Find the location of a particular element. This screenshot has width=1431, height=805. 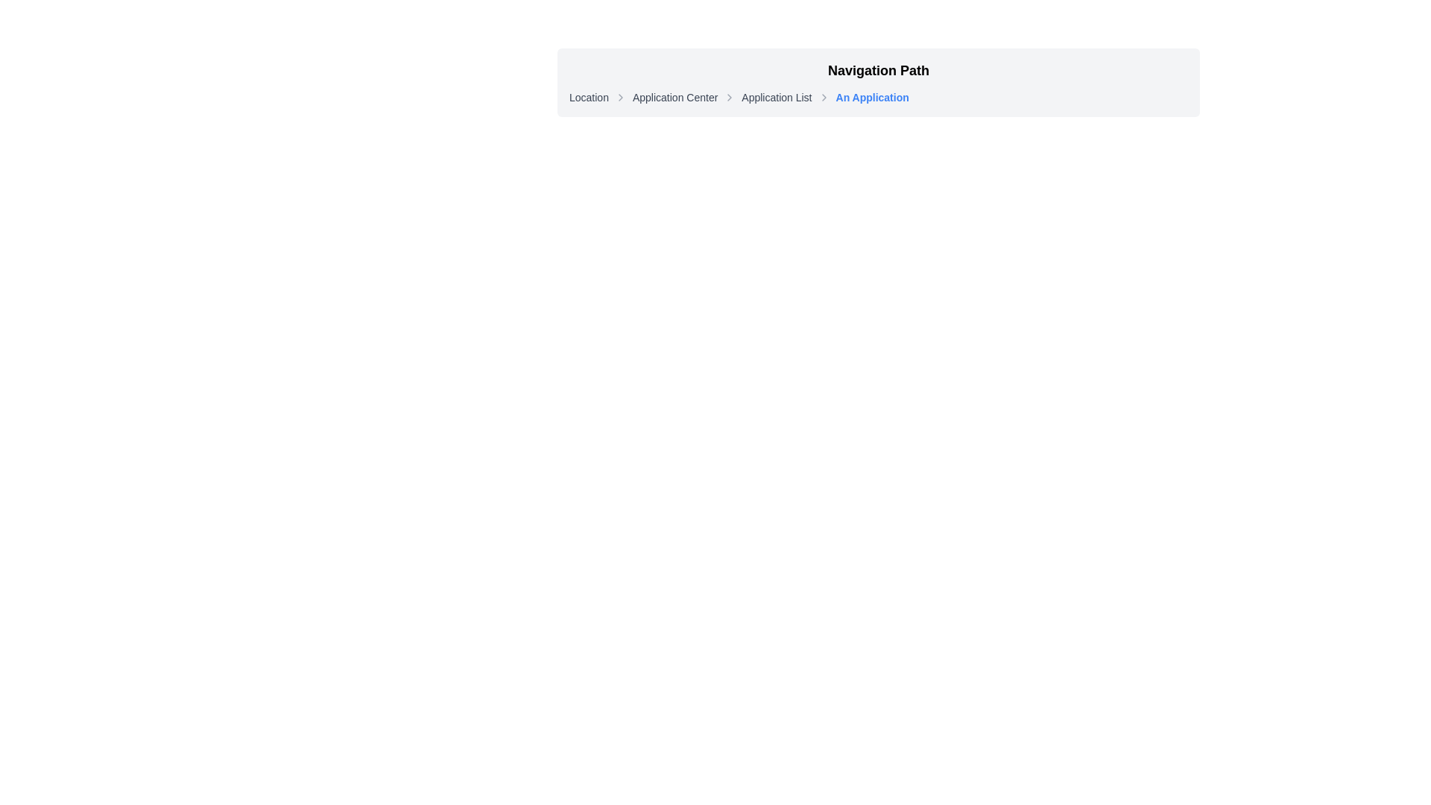

the first chevron icon in the breadcrumb navigation bar, located between the 'Location' and 'Application Center' text links is located at coordinates (620, 98).